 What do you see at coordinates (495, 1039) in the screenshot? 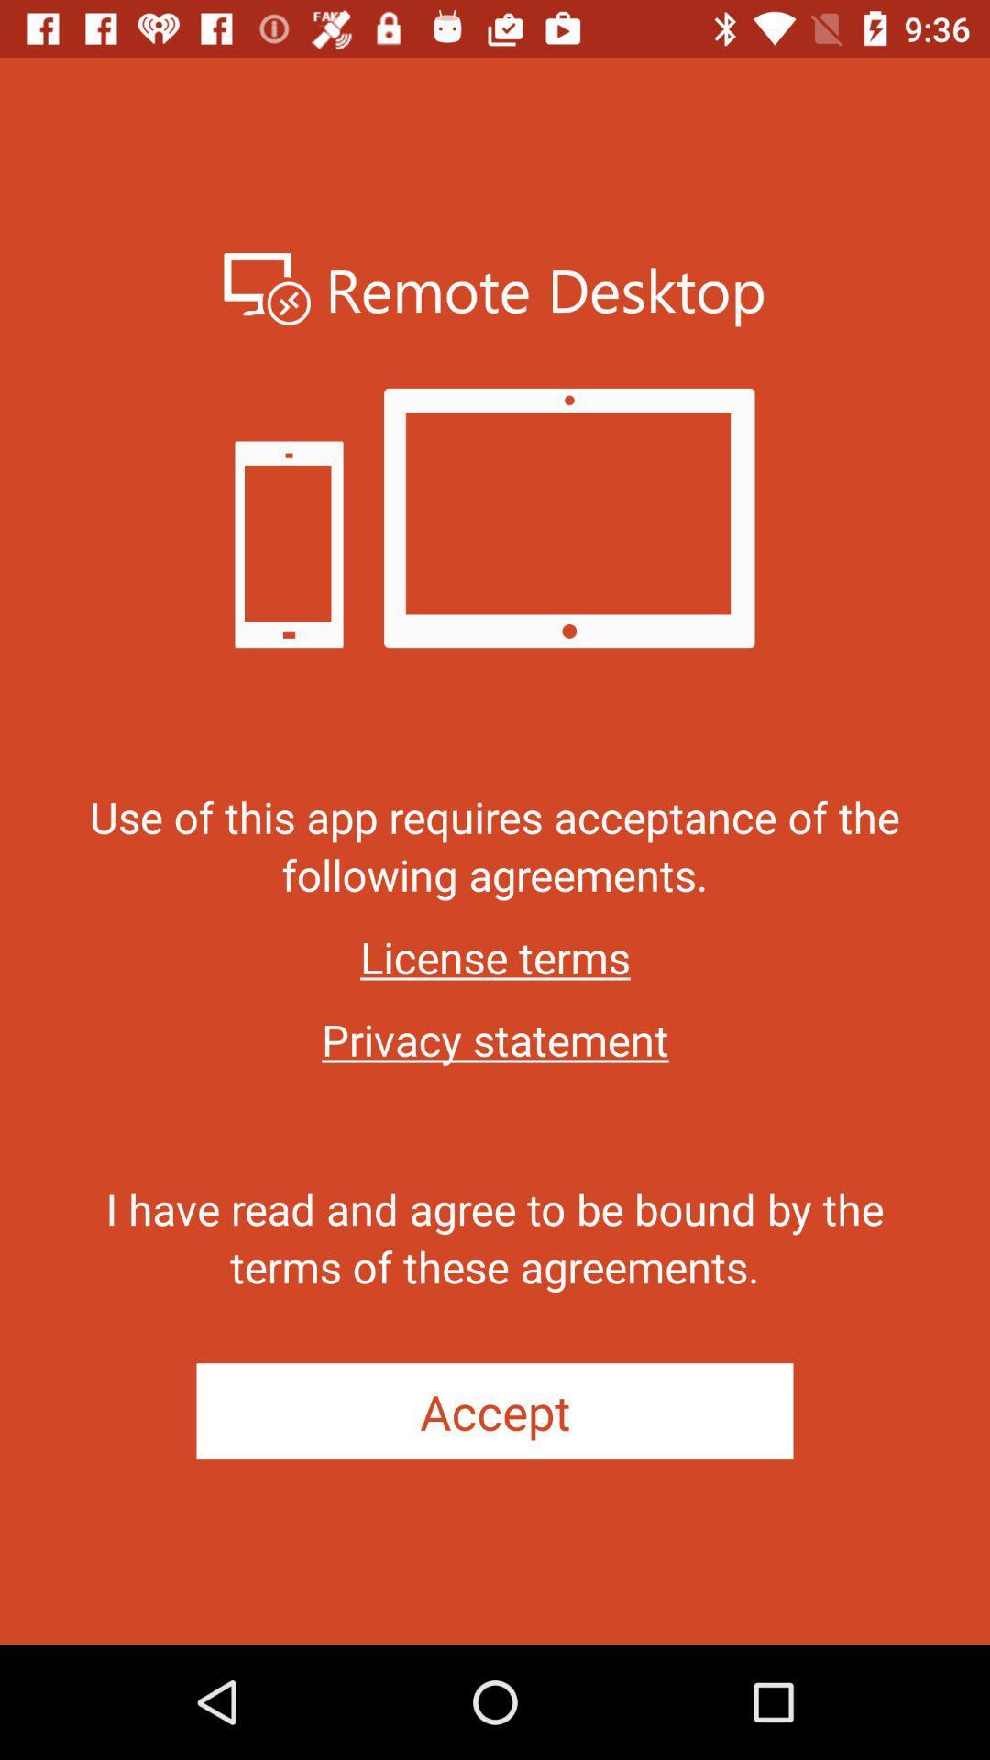
I see `privacy statement` at bounding box center [495, 1039].